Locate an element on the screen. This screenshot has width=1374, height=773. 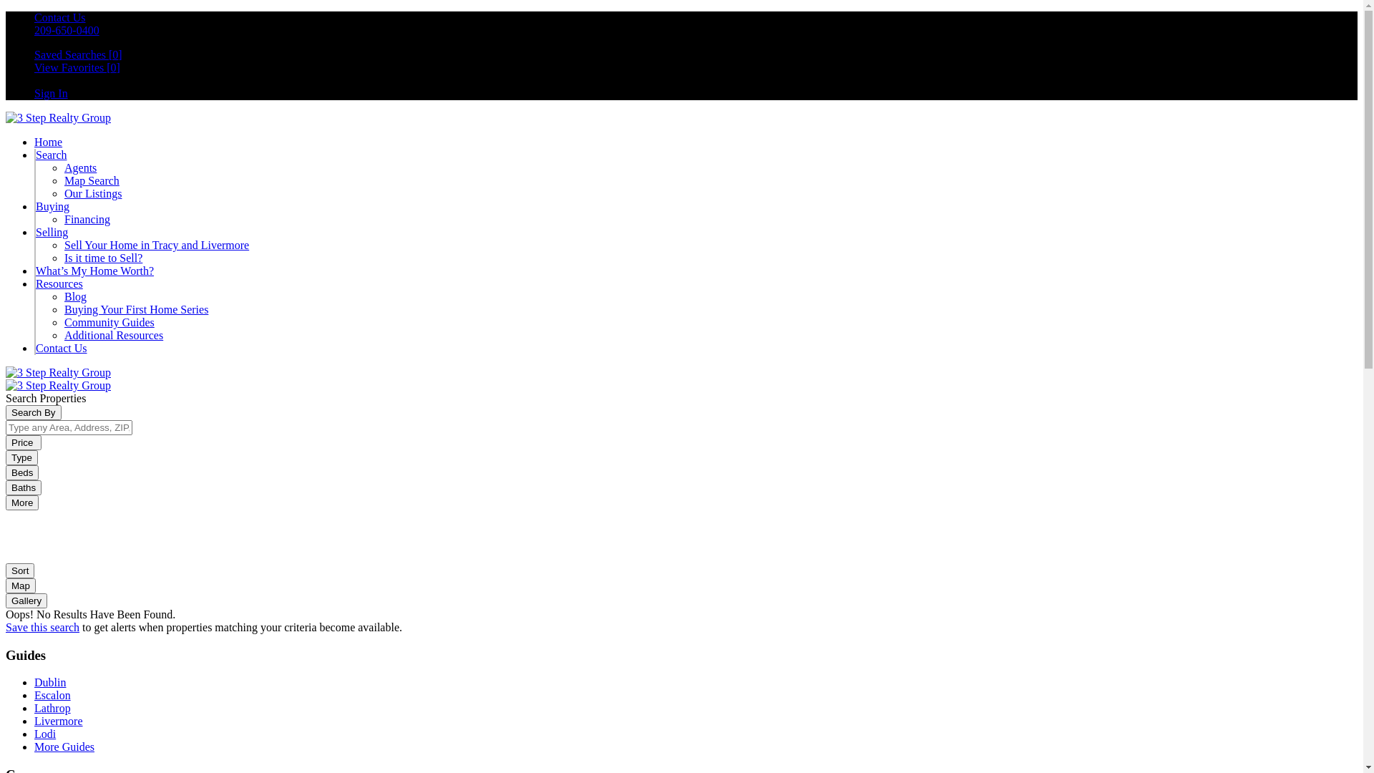
'More' is located at coordinates (6, 502).